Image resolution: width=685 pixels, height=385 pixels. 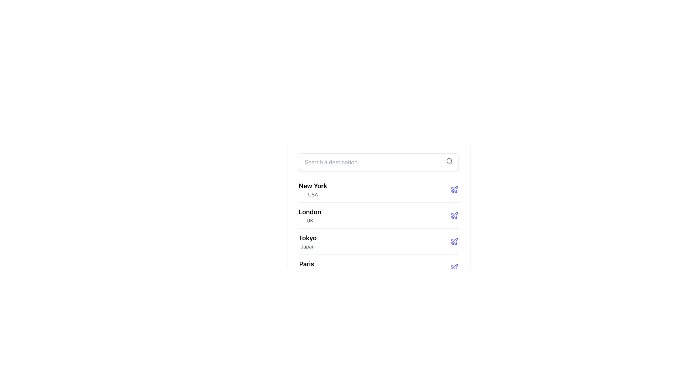 I want to click on the text display for the city 'Tokyo' and its country 'Japan', so click(x=308, y=241).